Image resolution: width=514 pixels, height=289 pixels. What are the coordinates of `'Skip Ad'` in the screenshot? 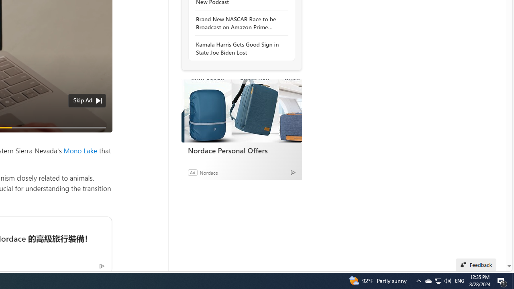 It's located at (83, 100).